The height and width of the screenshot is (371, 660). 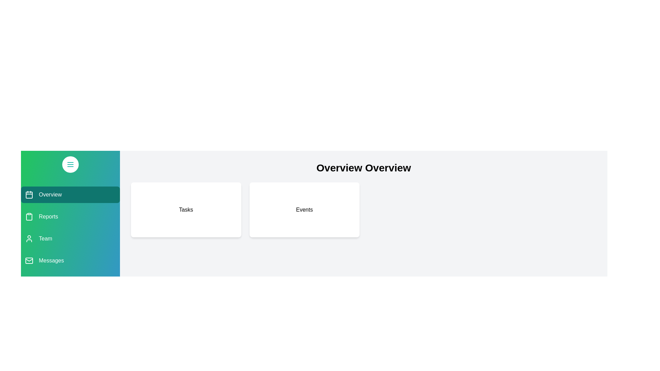 I want to click on the navigation section Reports, so click(x=70, y=217).